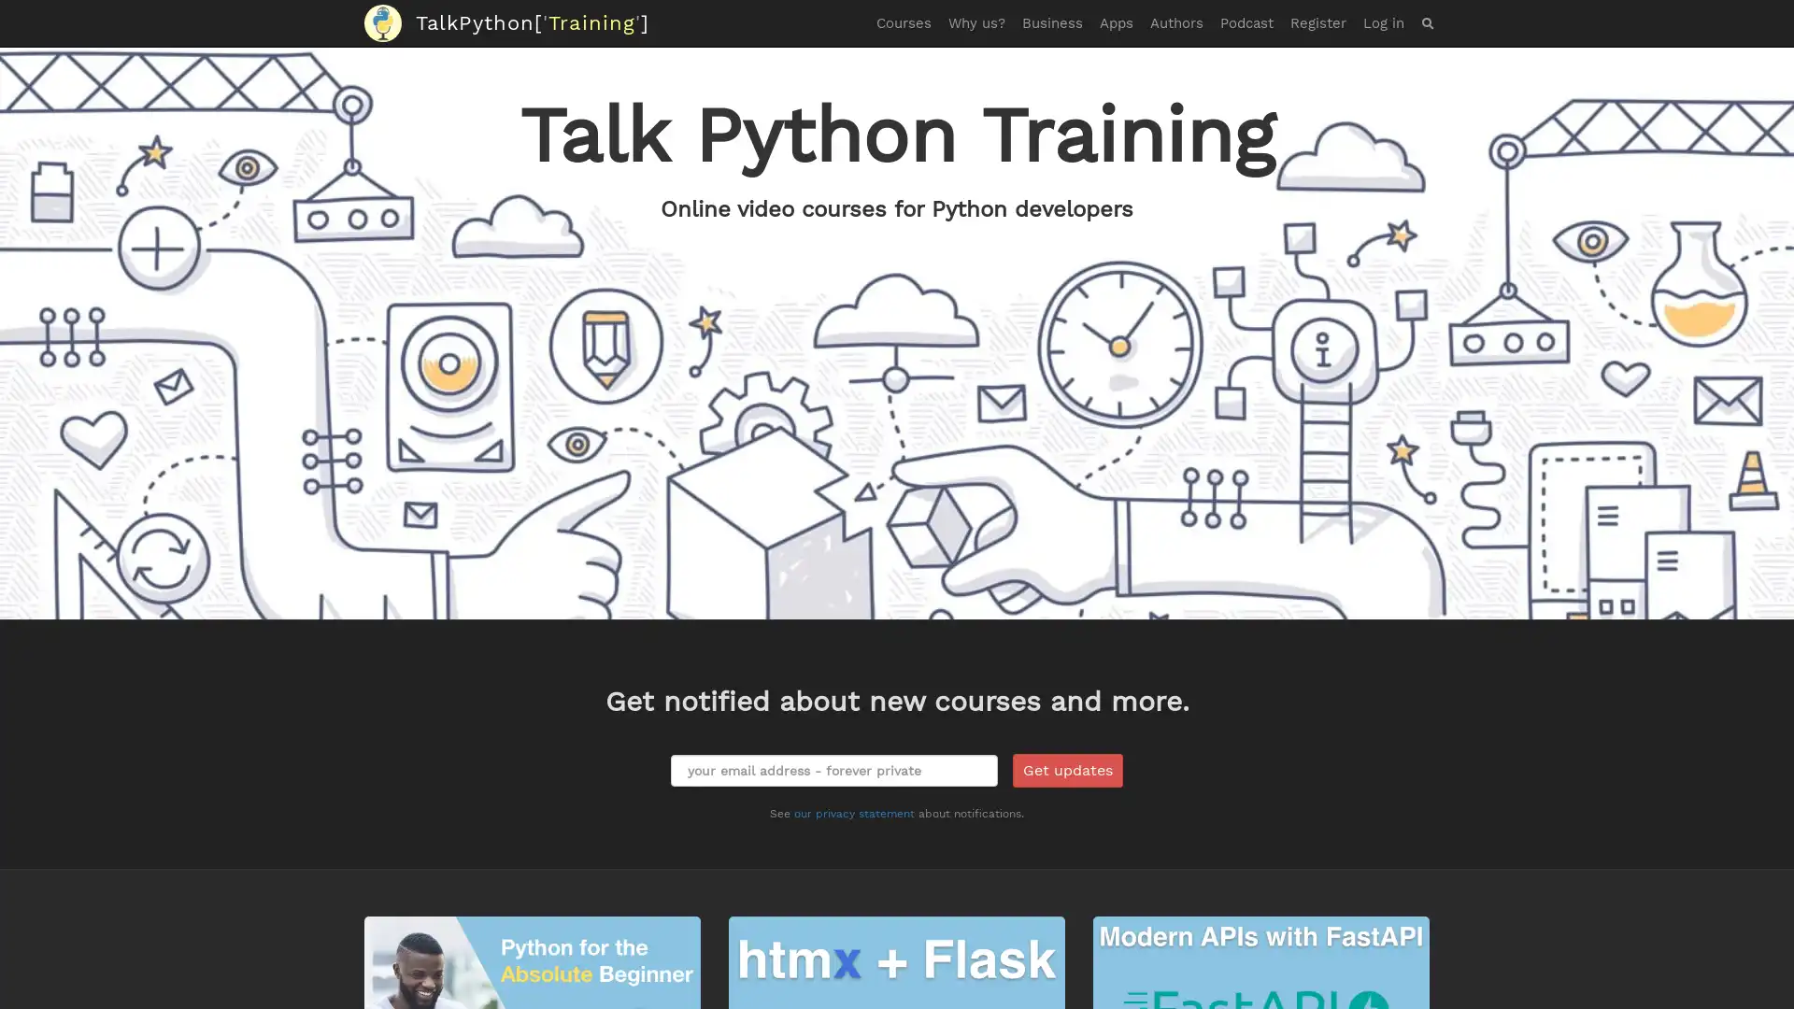 This screenshot has height=1009, width=1794. I want to click on Get updates, so click(1067, 771).